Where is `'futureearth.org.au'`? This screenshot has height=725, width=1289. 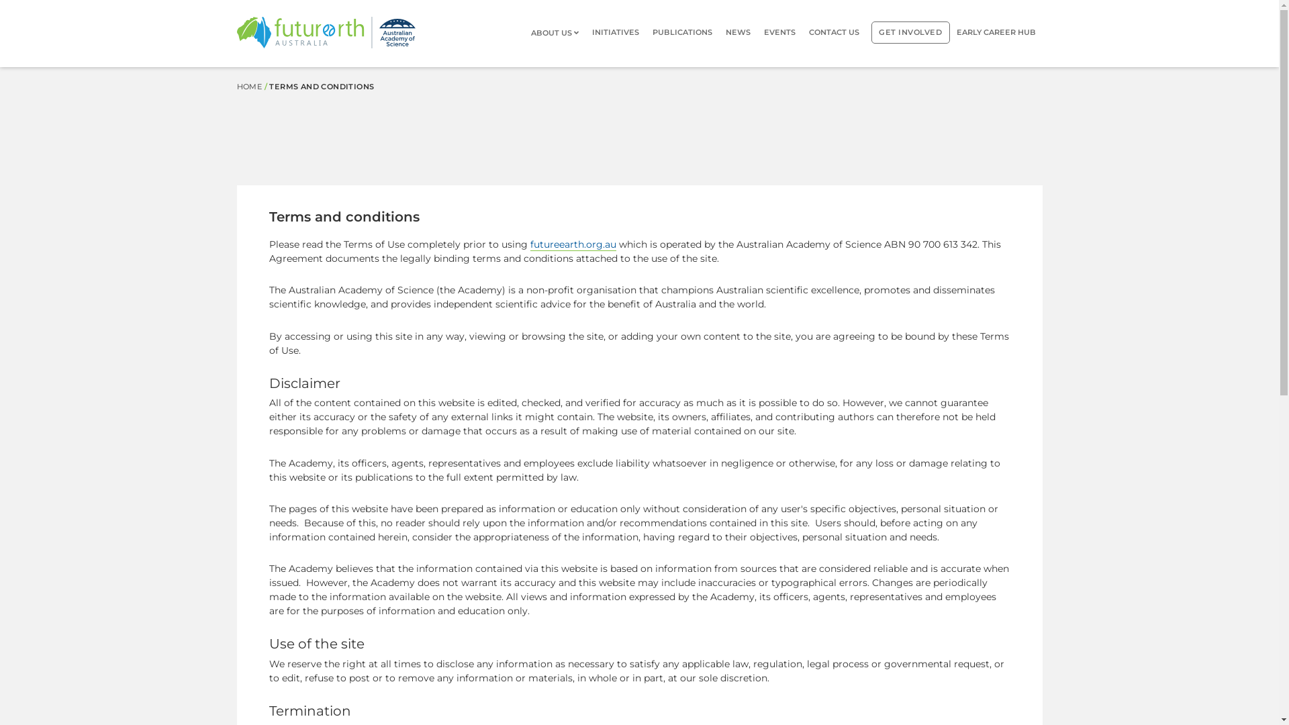
'futureearth.org.au' is located at coordinates (573, 244).